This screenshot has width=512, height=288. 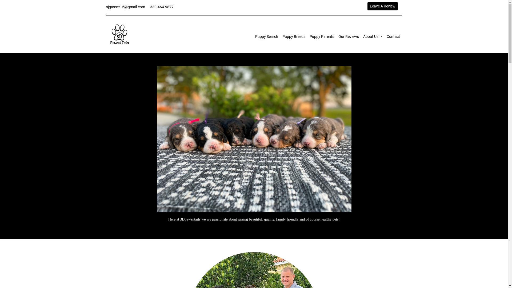 What do you see at coordinates (372, 36) in the screenshot?
I see `'About Us'` at bounding box center [372, 36].